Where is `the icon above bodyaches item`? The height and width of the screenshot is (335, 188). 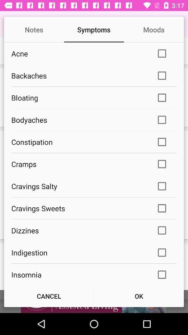 the icon above bodyaches item is located at coordinates (79, 97).